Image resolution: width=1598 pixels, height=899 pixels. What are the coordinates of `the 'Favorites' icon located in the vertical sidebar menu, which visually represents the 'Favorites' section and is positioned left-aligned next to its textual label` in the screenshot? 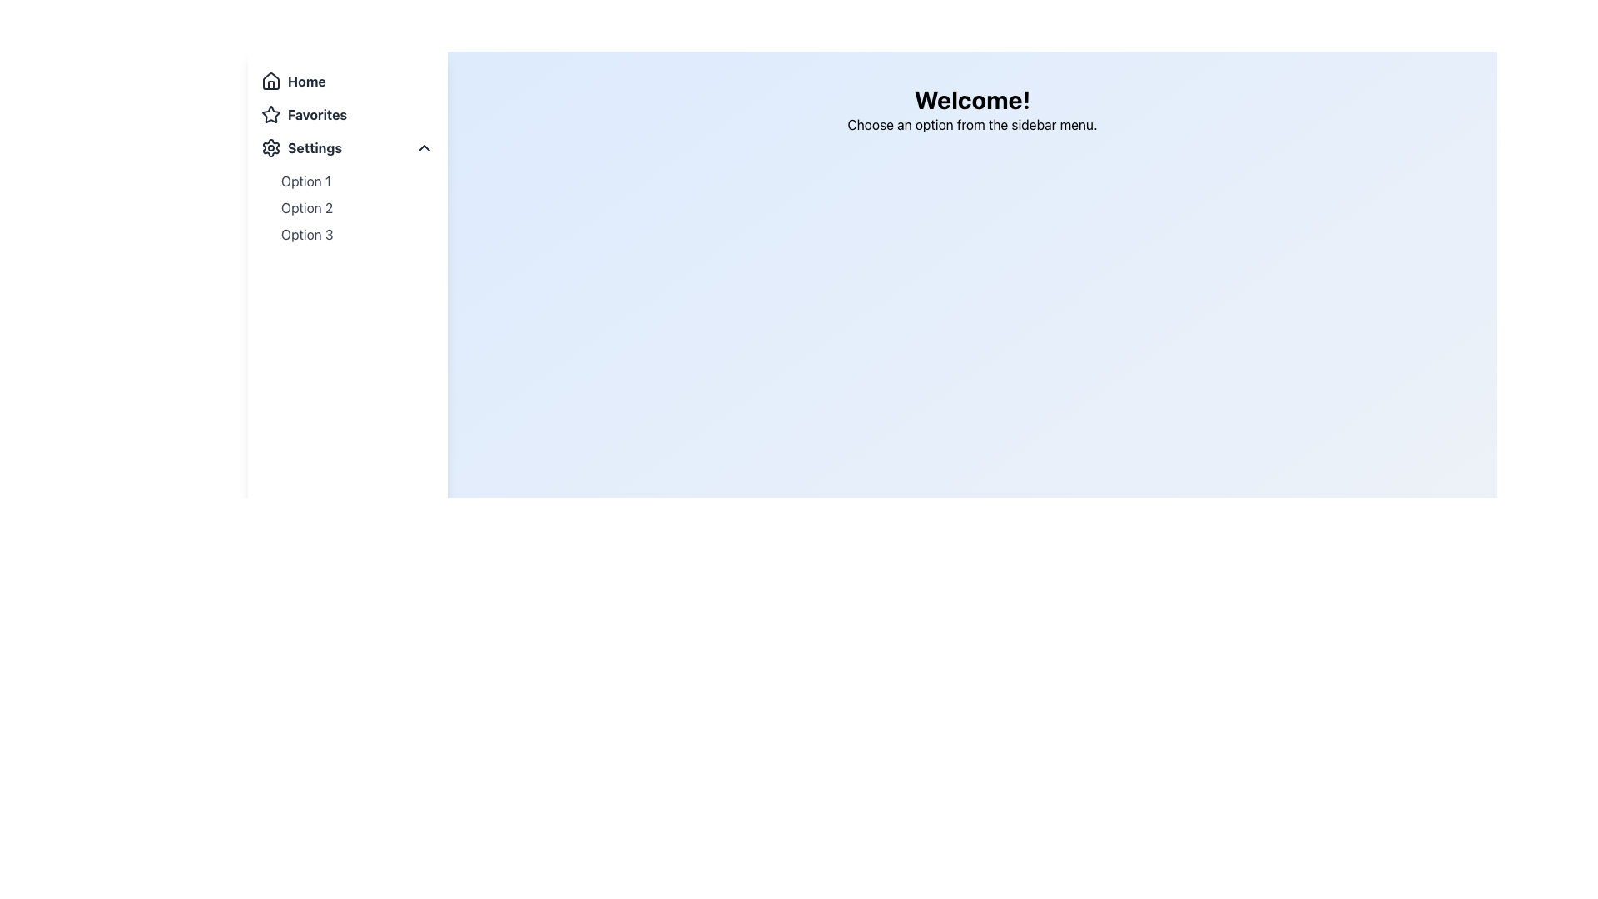 It's located at (271, 114).